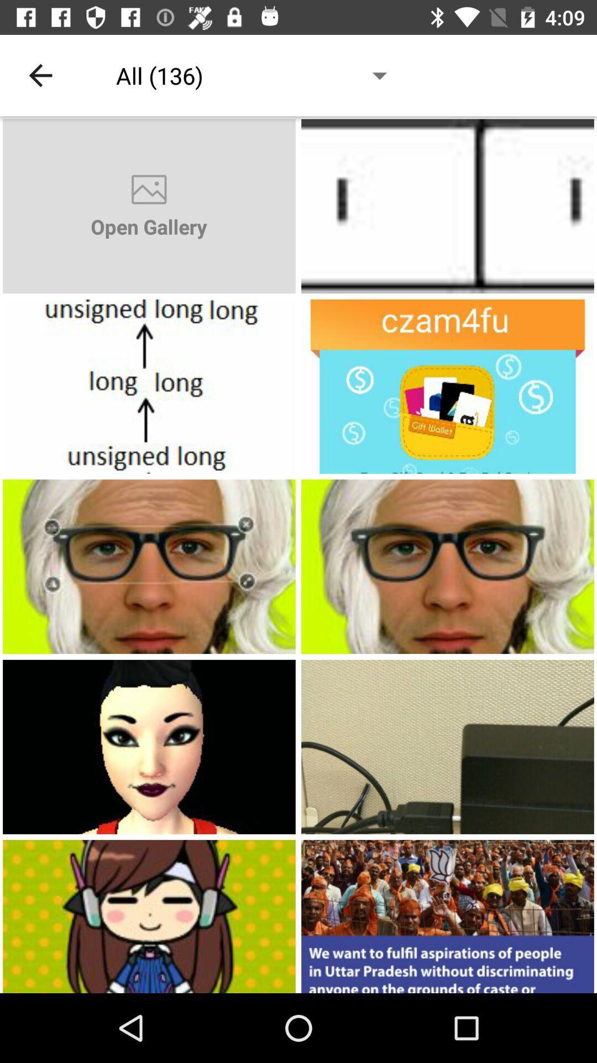 The width and height of the screenshot is (597, 1063). What do you see at coordinates (149, 386) in the screenshot?
I see `open photo` at bounding box center [149, 386].